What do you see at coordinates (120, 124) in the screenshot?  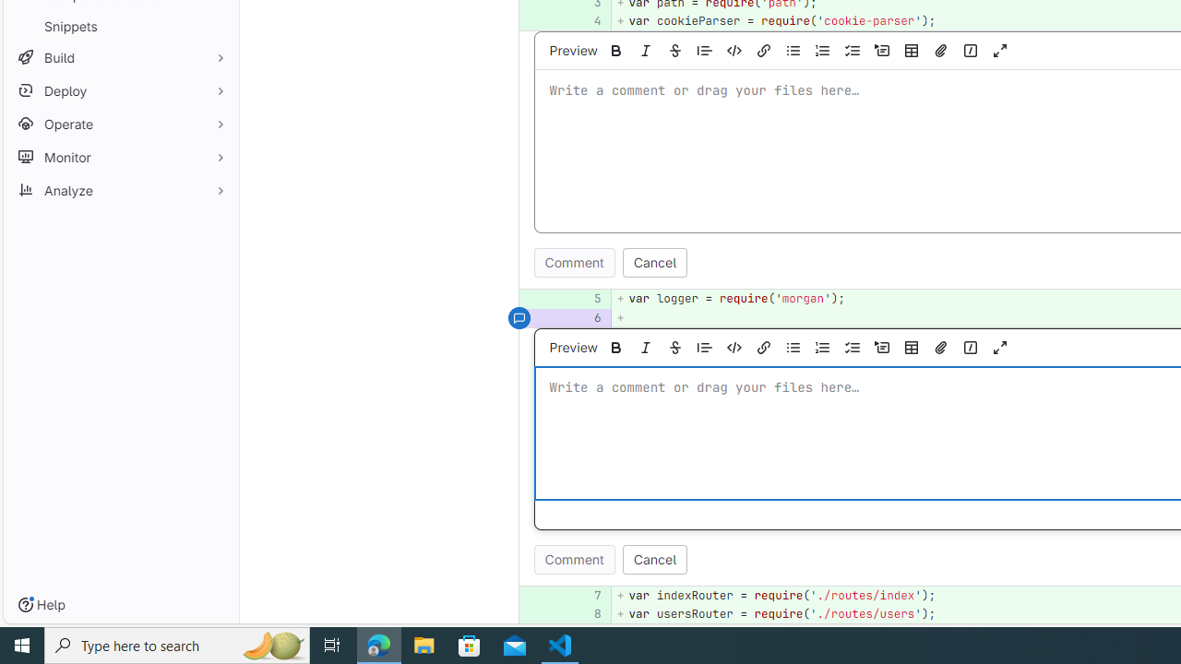 I see `'Operate'` at bounding box center [120, 124].